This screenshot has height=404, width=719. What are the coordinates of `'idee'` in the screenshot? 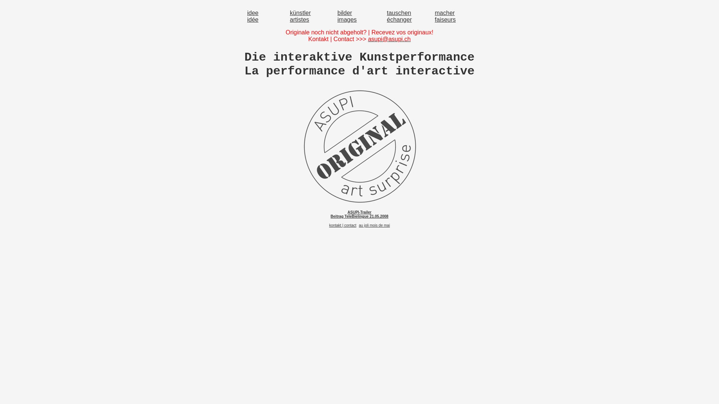 It's located at (253, 13).